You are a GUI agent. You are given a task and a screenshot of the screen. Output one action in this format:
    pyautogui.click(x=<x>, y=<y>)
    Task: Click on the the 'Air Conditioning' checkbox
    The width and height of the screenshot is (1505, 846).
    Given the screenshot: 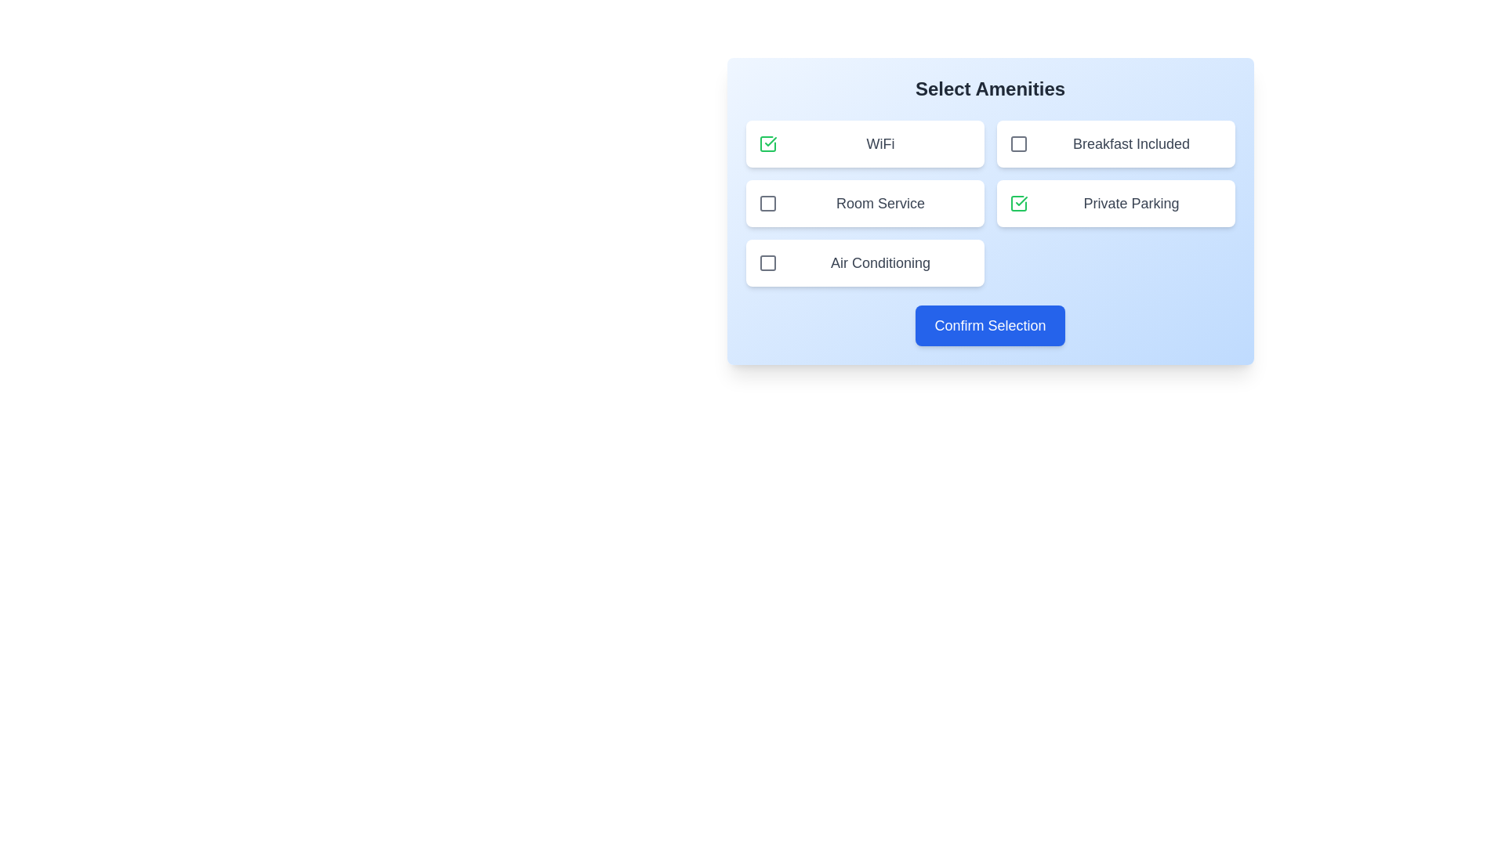 What is the action you would take?
    pyautogui.click(x=864, y=262)
    